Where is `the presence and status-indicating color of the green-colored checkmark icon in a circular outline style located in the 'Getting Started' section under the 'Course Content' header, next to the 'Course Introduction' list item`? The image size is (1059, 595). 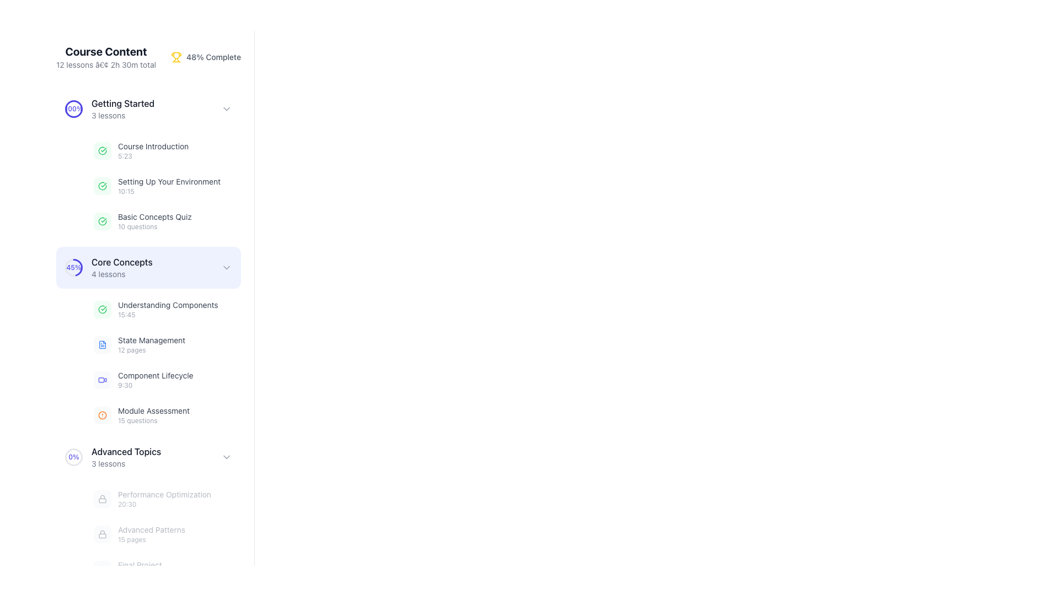 the presence and status-indicating color of the green-colored checkmark icon in a circular outline style located in the 'Getting Started' section under the 'Course Content' header, next to the 'Course Introduction' list item is located at coordinates (103, 186).